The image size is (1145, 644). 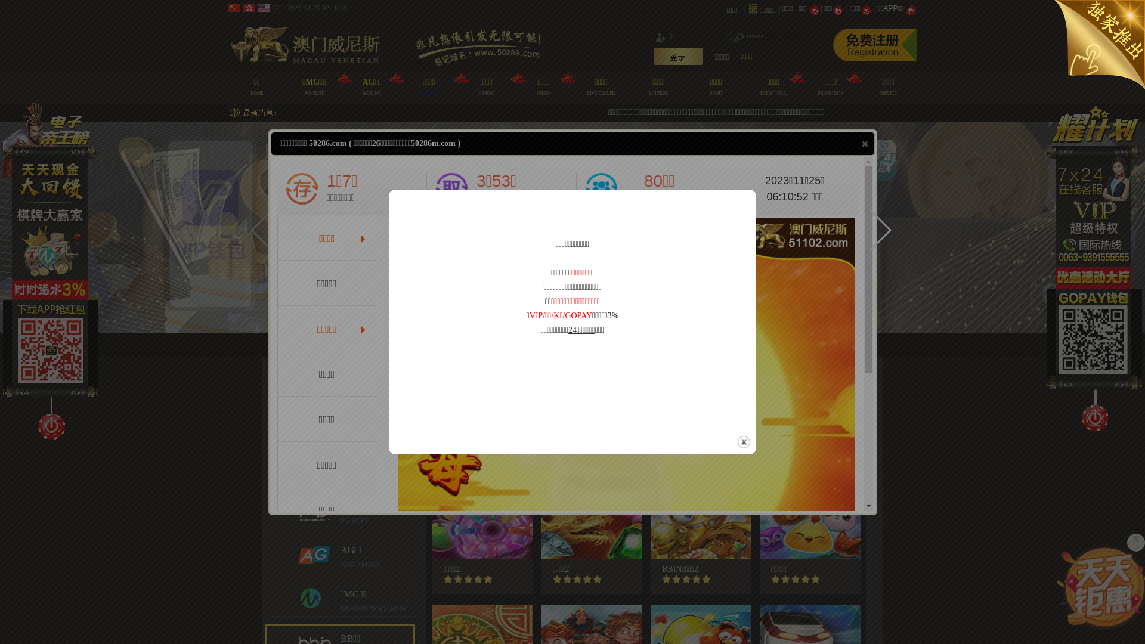 I want to click on 'close', so click(x=865, y=143).